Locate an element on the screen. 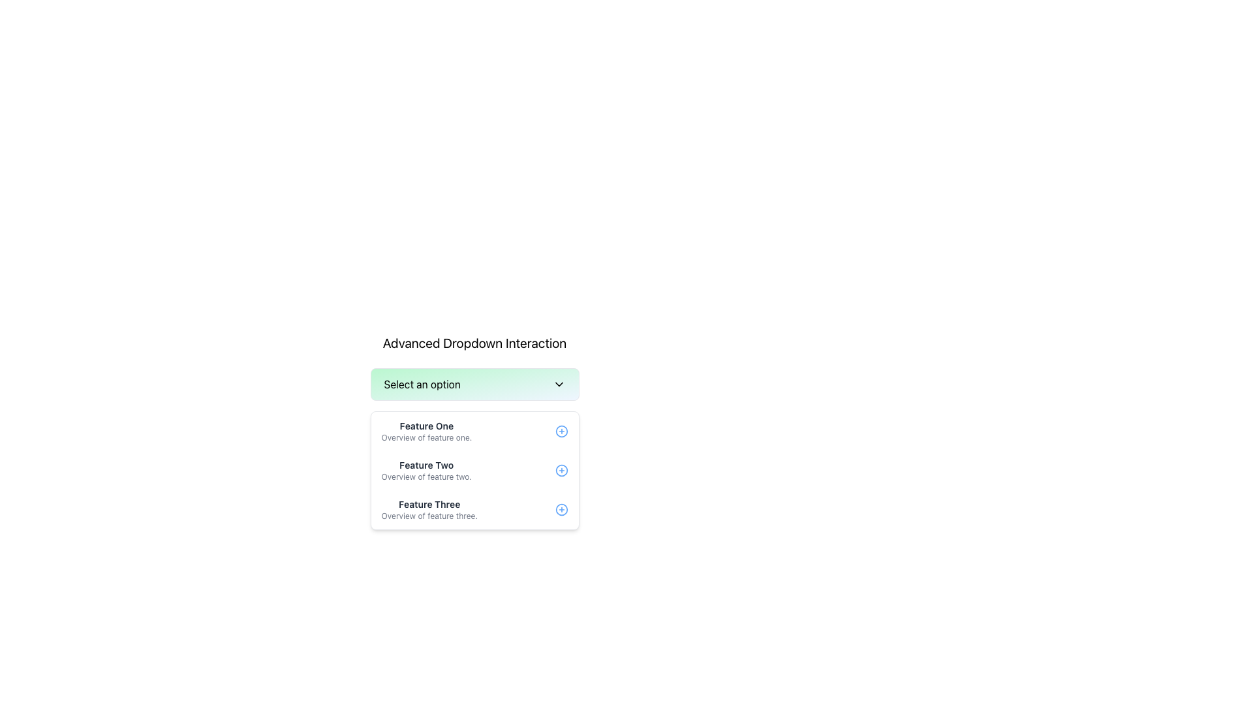 The width and height of the screenshot is (1253, 705). the title text indicating the section's purpose for advanced dropdown interaction, located above the dropdown selection area labeled 'Select an option' is located at coordinates (474, 342).